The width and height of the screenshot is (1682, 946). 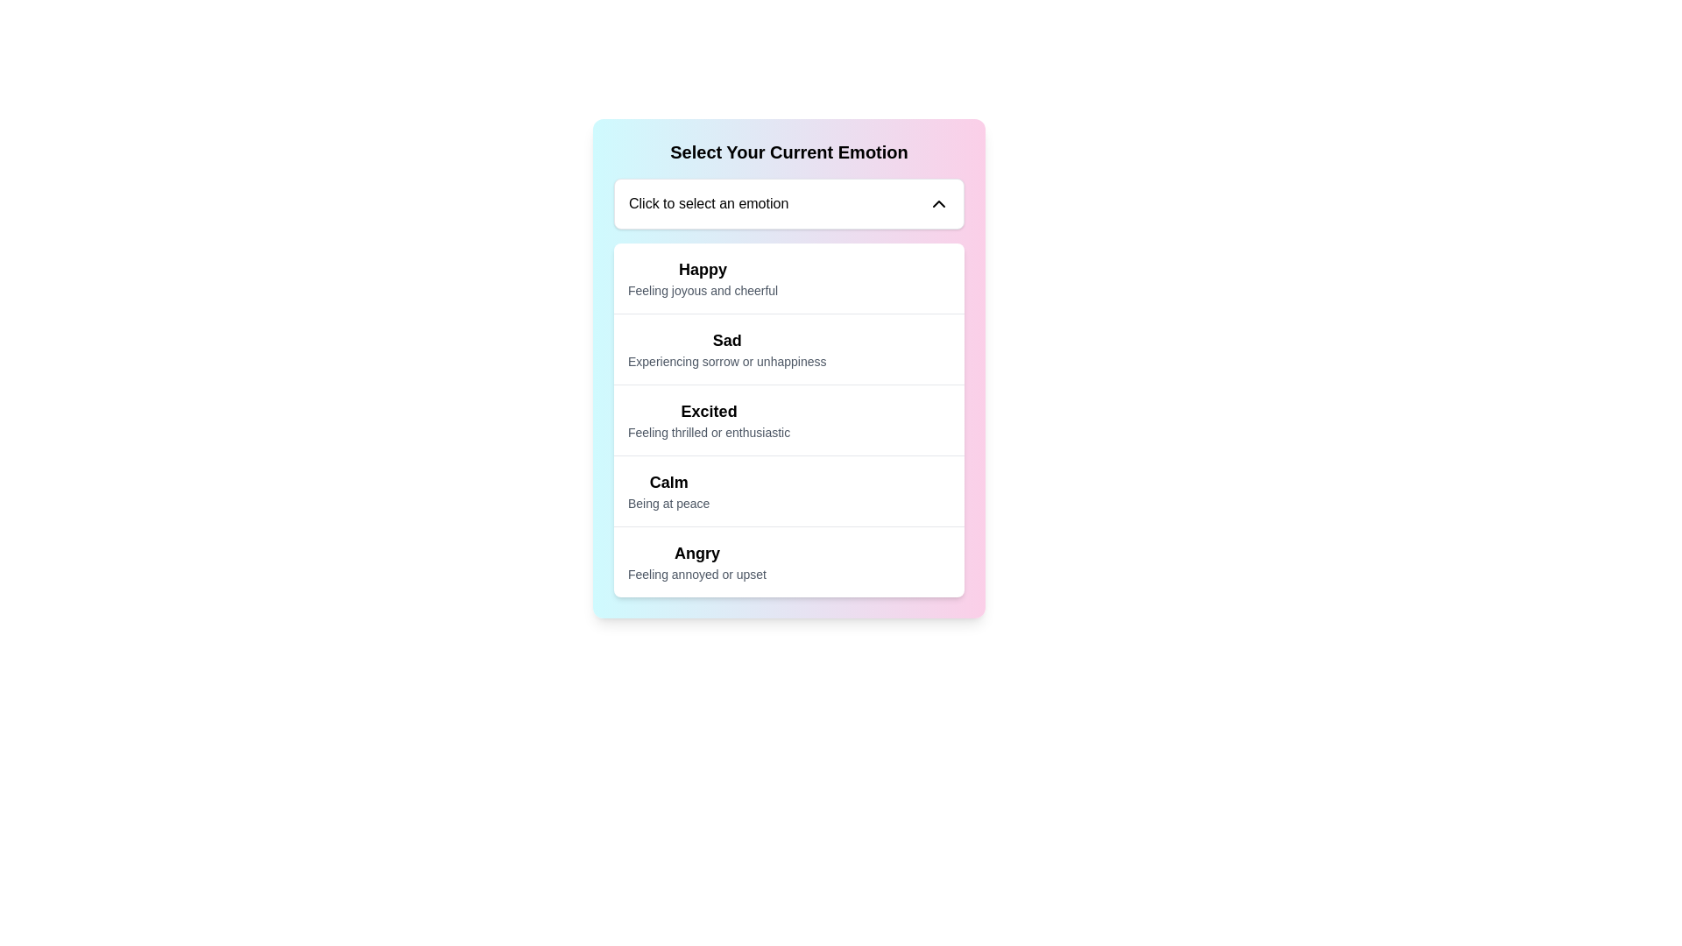 What do you see at coordinates (696, 561) in the screenshot?
I see `text label for the emotion selection option labeled 'Angry' which is the last item in the dropdown menu under 'Select Your Current Emotion'` at bounding box center [696, 561].